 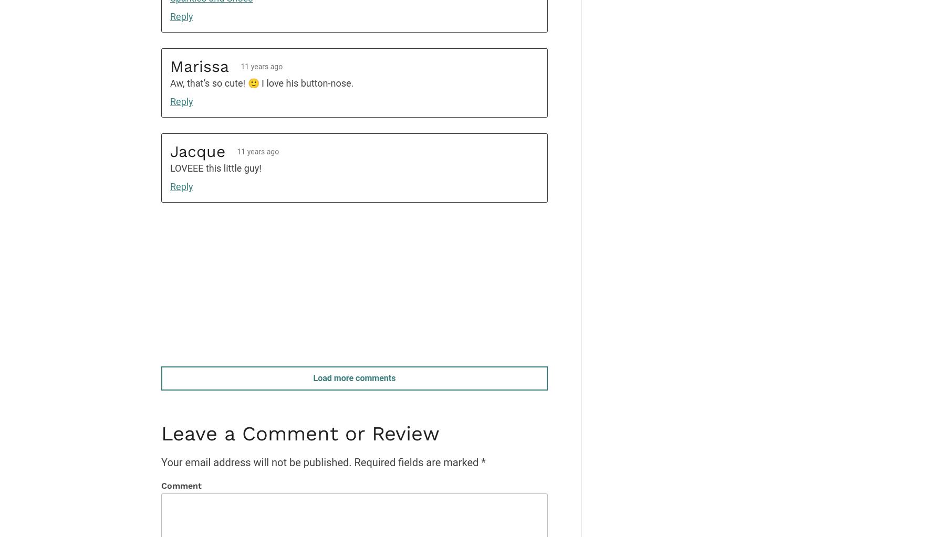 I want to click on 'Marissa', so click(x=199, y=66).